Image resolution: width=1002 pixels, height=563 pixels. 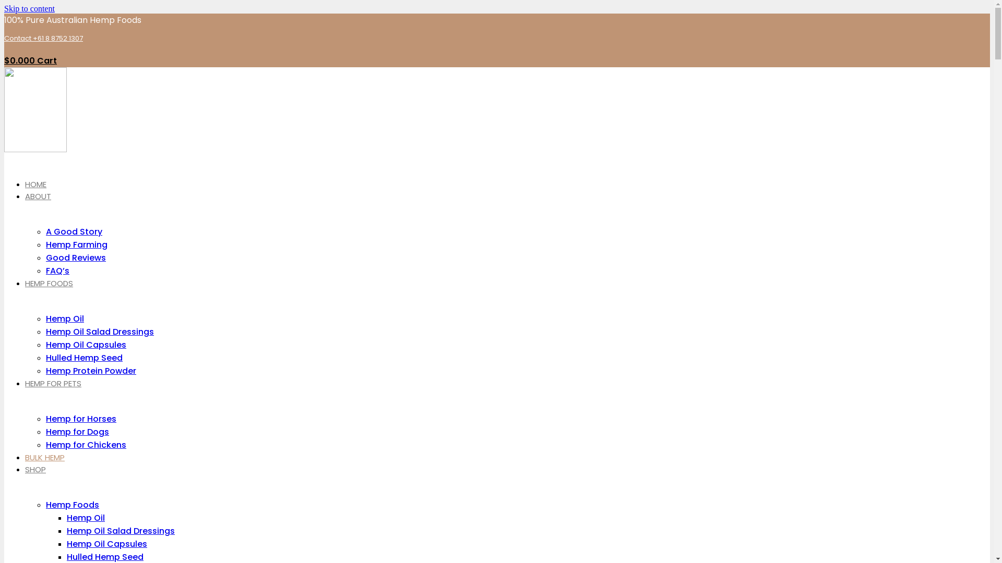 What do you see at coordinates (74, 231) in the screenshot?
I see `'A Good Story'` at bounding box center [74, 231].